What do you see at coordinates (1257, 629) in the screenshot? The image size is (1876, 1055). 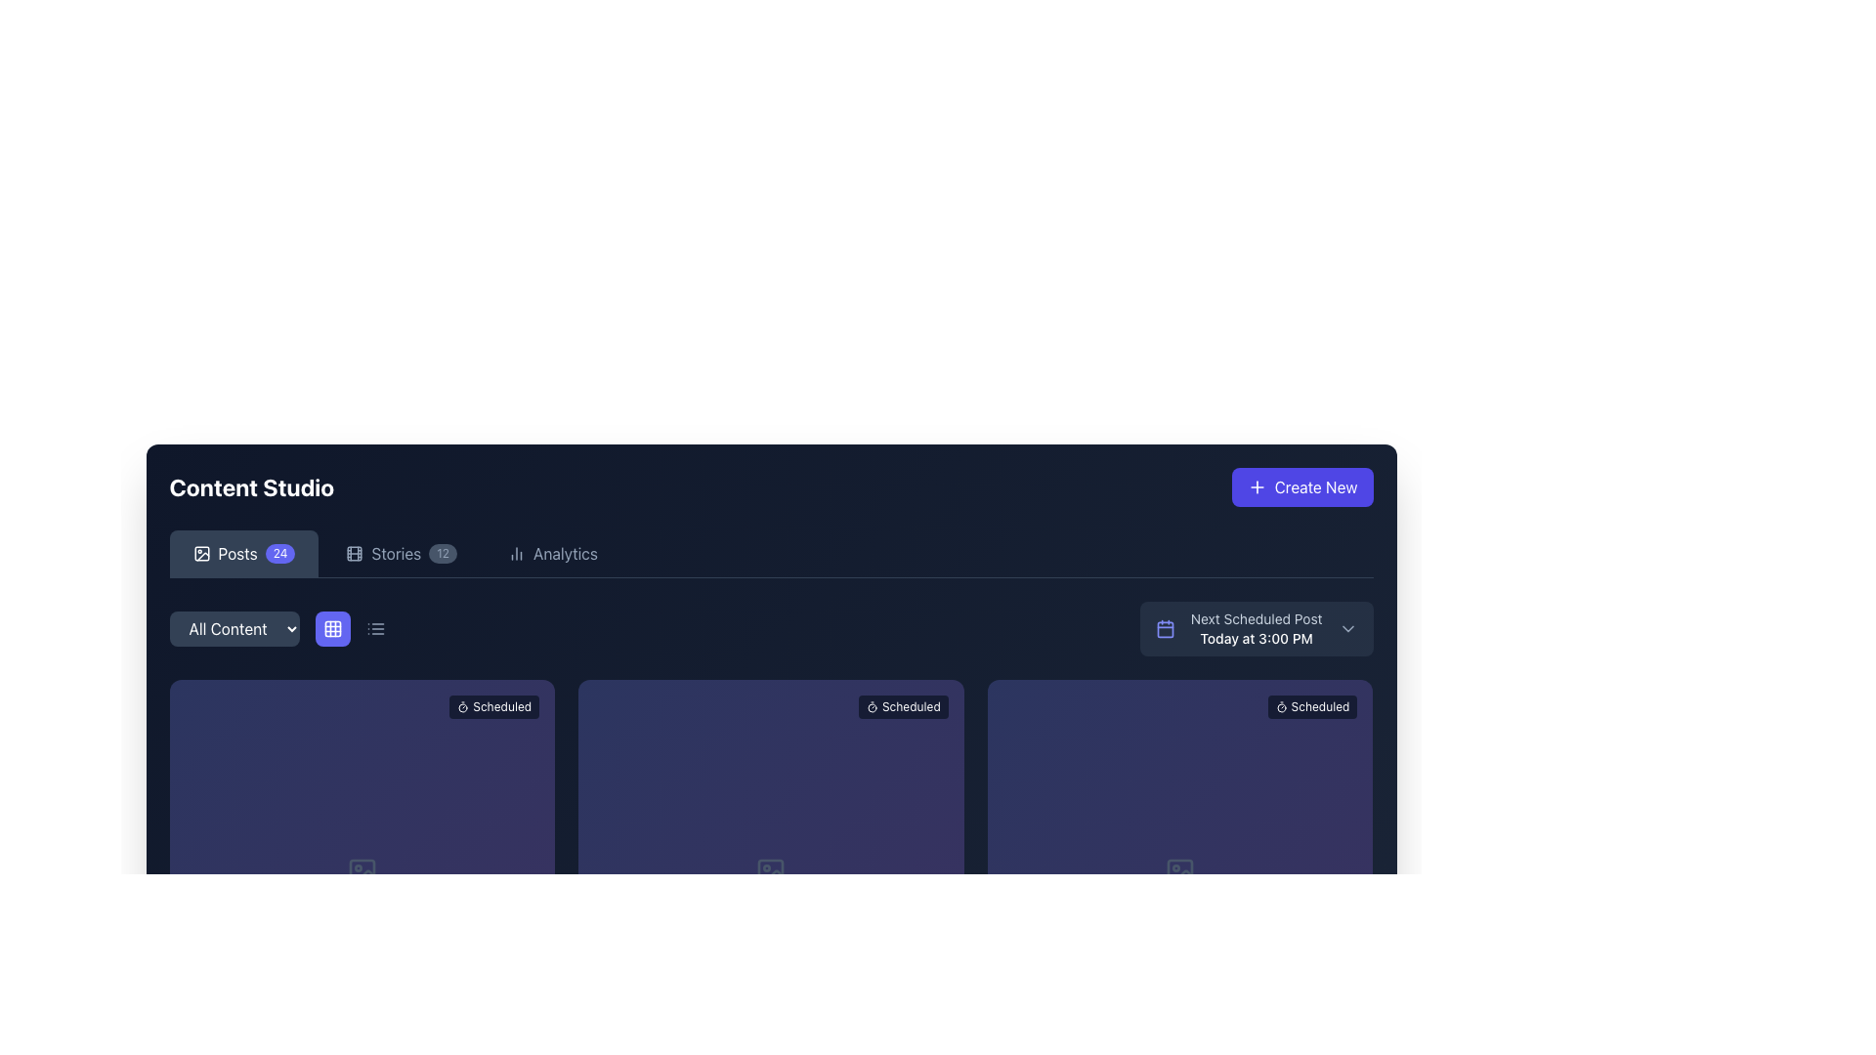 I see `information displayed in the Informational display widget located towards the top-right corner of the interface, just below the header section` at bounding box center [1257, 629].